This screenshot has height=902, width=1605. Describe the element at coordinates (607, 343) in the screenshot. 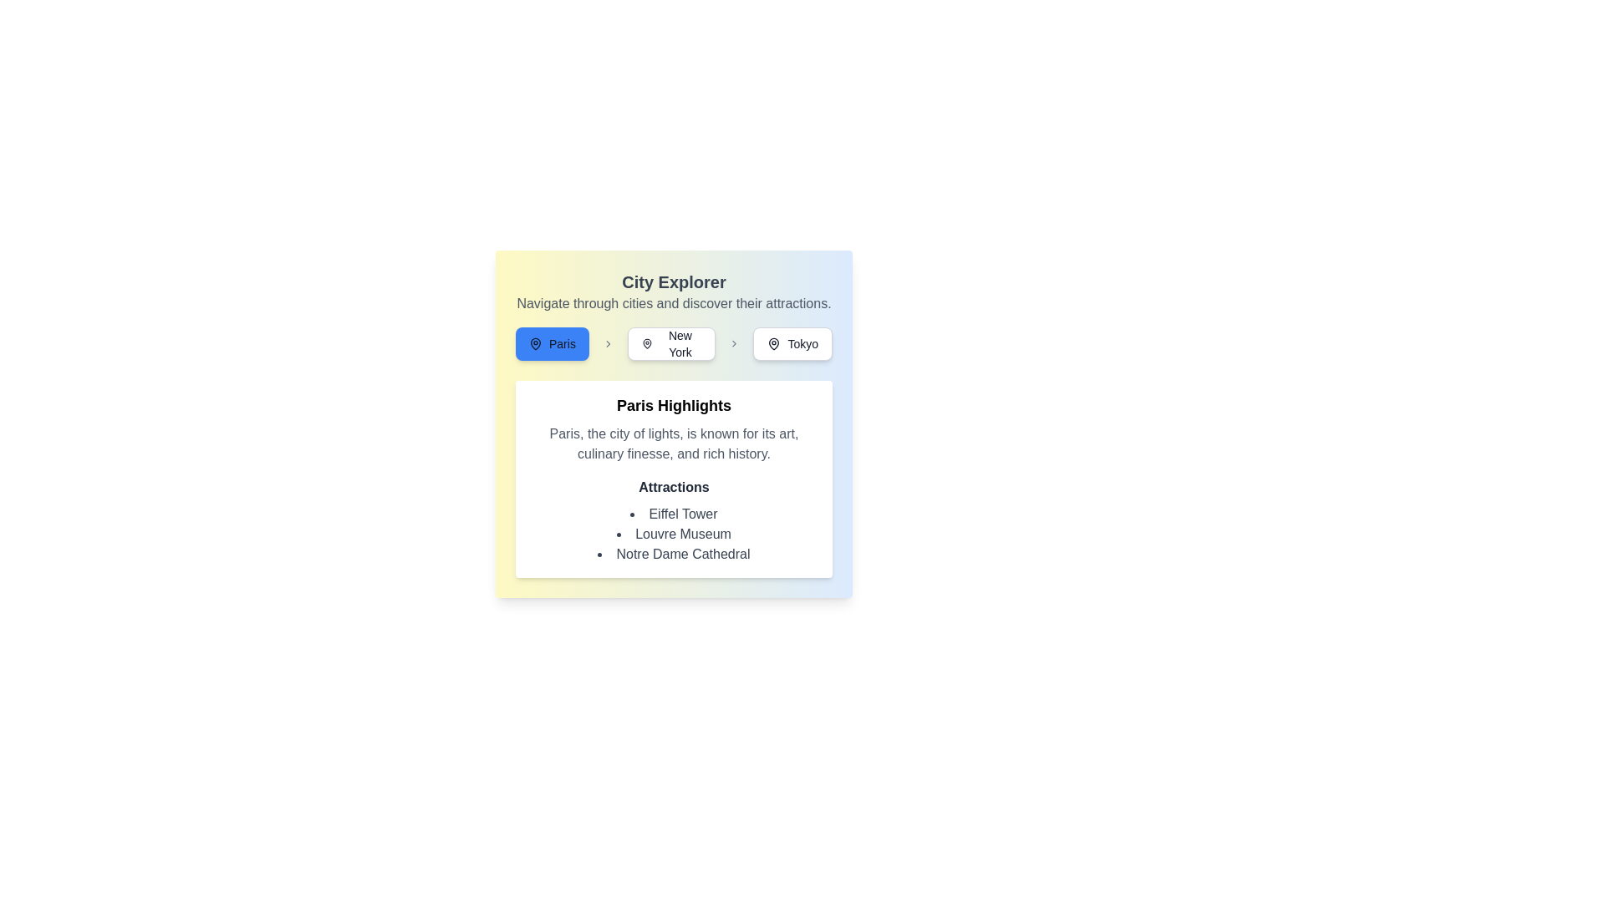

I see `the right-pointing chevron icon located between the 'Paris' and 'New York' buttons` at that location.